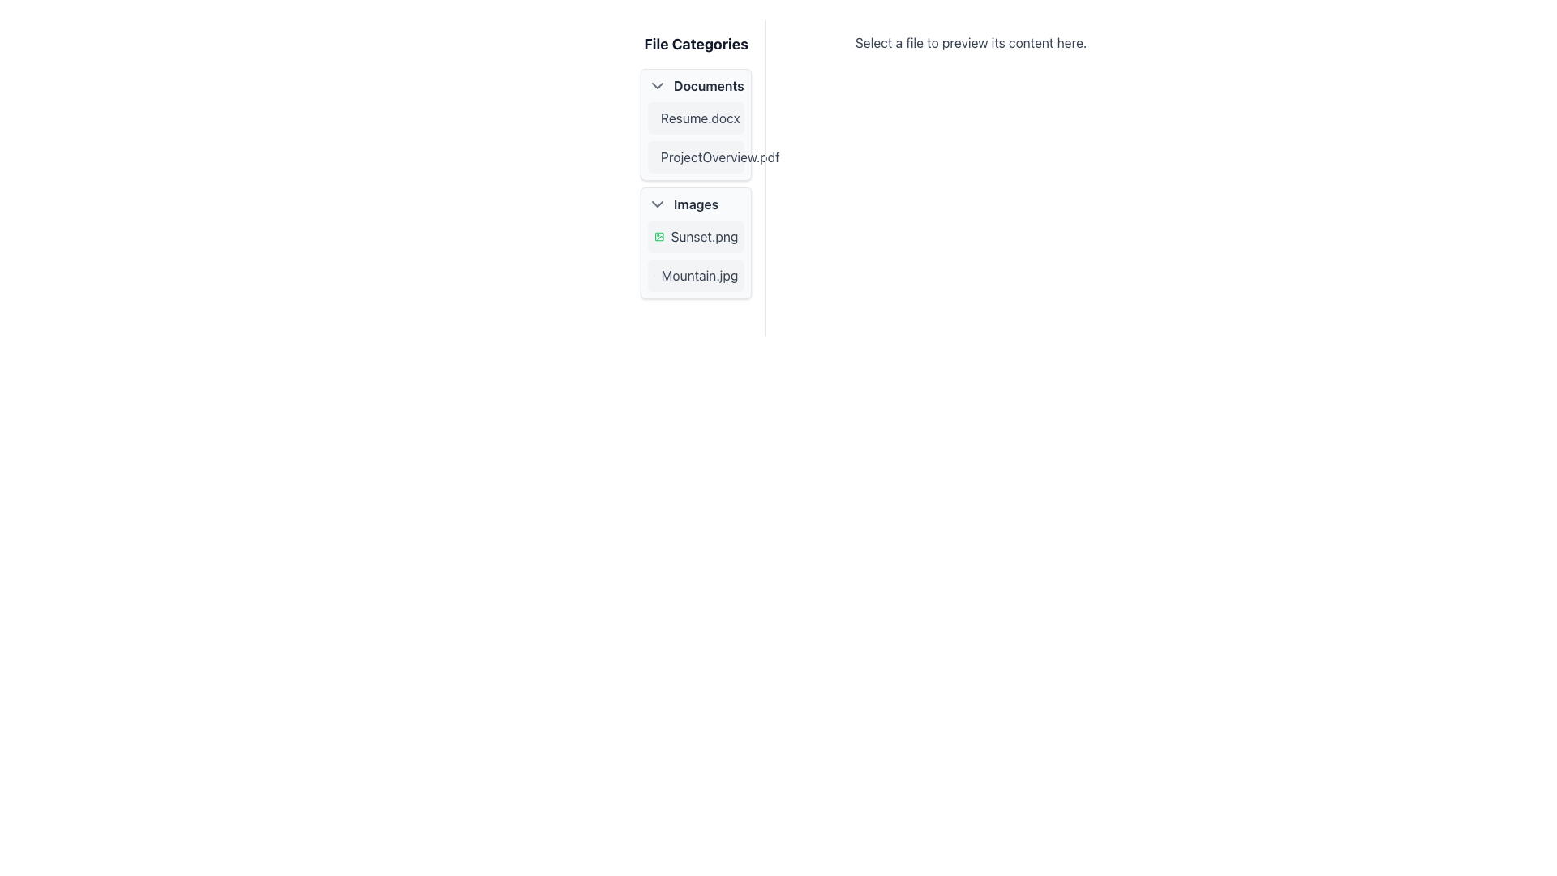 The height and width of the screenshot is (876, 1557). What do you see at coordinates (696, 237) in the screenshot?
I see `the list item representing the file 'Sunset.png'` at bounding box center [696, 237].